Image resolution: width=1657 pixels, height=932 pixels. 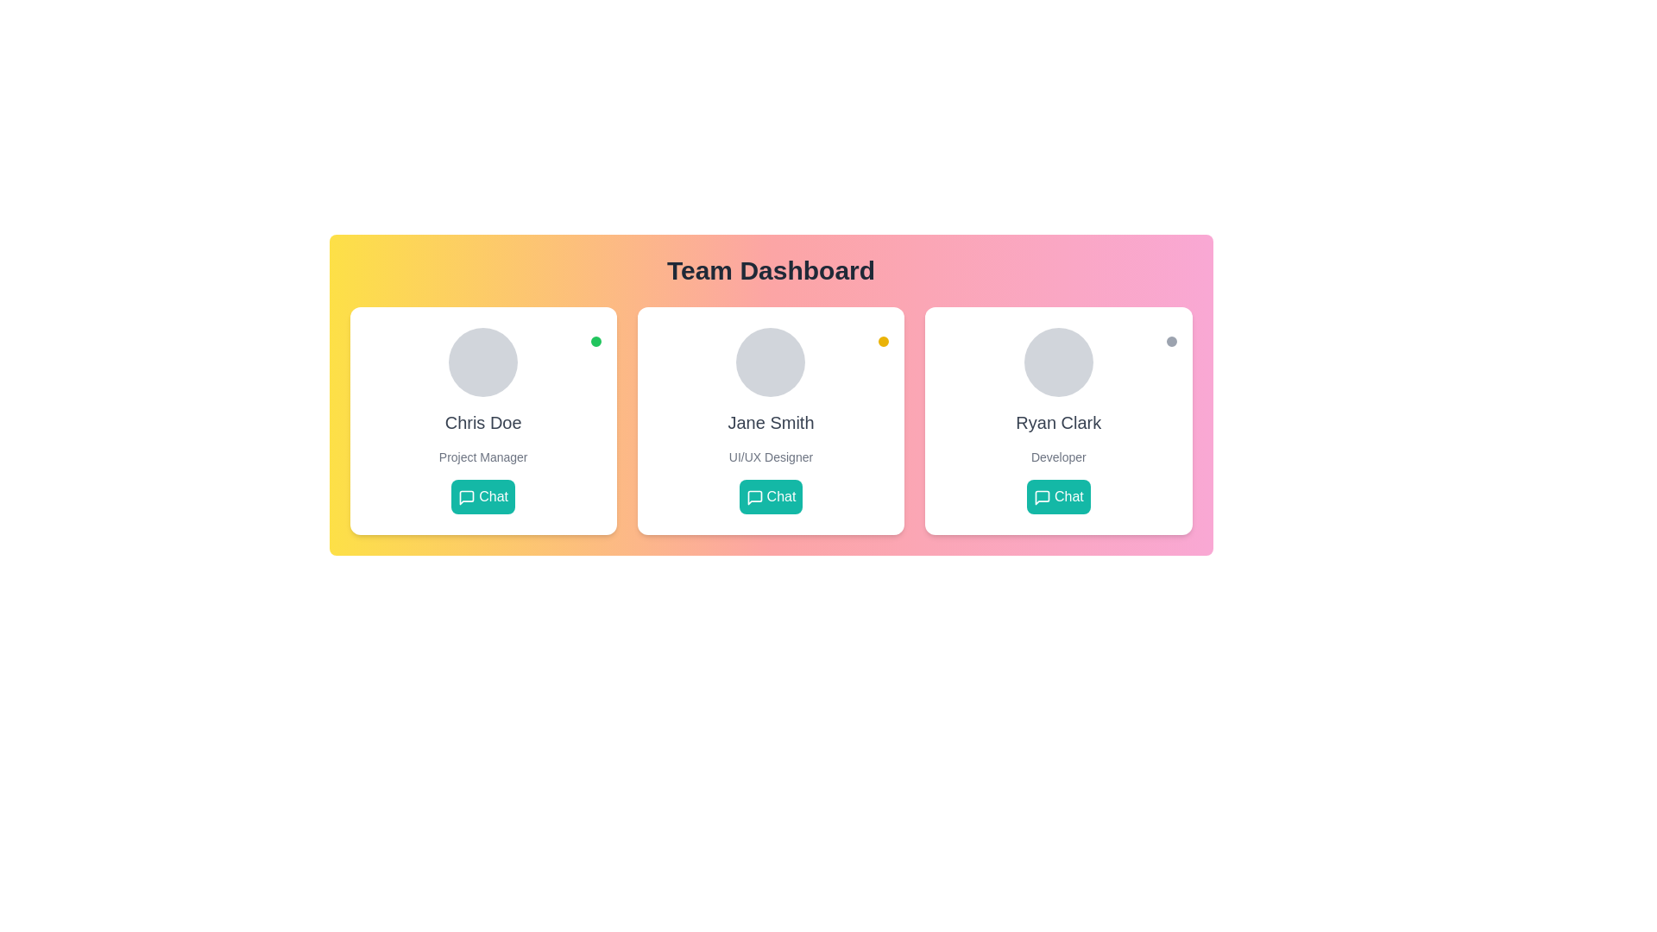 What do you see at coordinates (770, 496) in the screenshot?
I see `the chat button for 'Jane Smith', a UI/UX Designer` at bounding box center [770, 496].